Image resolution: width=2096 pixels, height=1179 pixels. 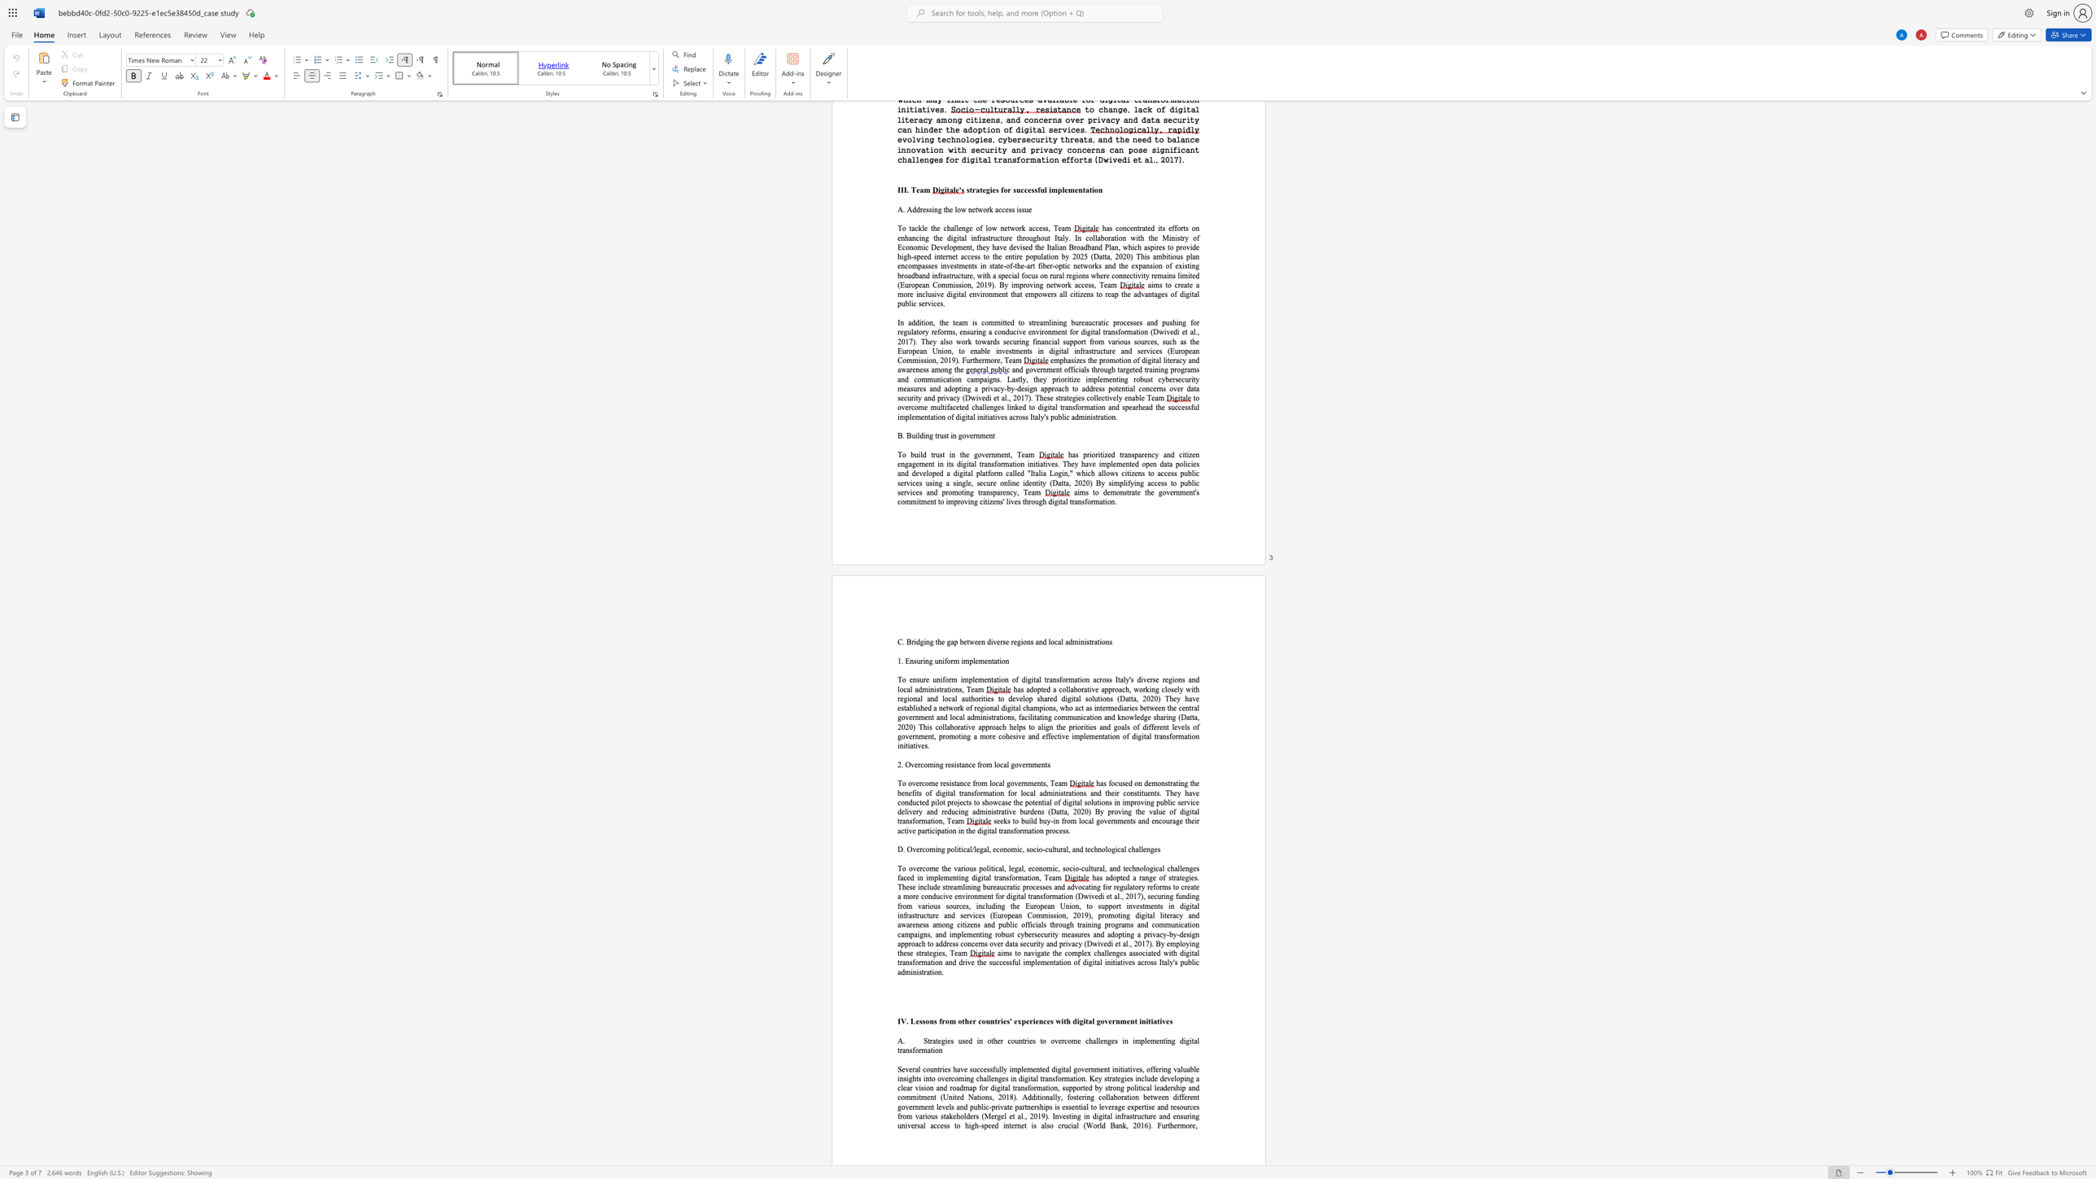 I want to click on the subset text "cipation in the d" within the text "active participation in the digital t", so click(x=931, y=830).